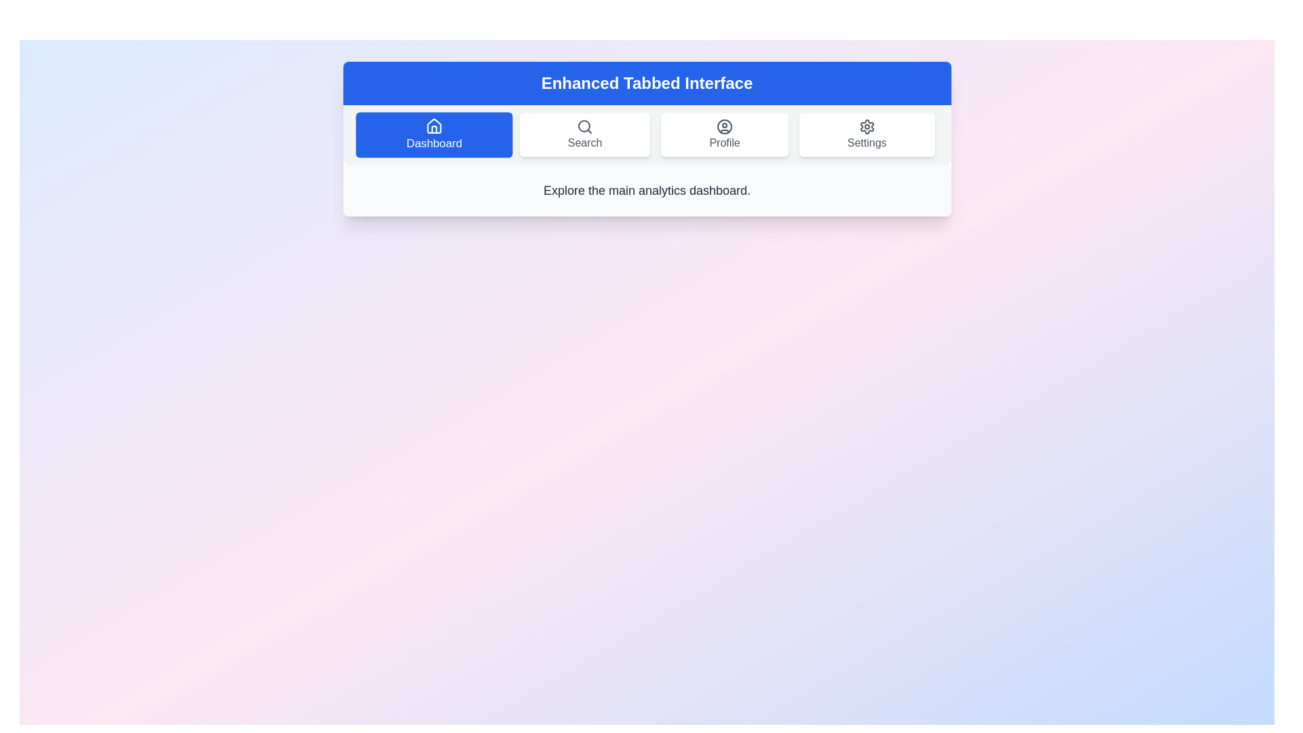  I want to click on the gear icon in the Settings tab of the top navigation bar, so click(866, 126).